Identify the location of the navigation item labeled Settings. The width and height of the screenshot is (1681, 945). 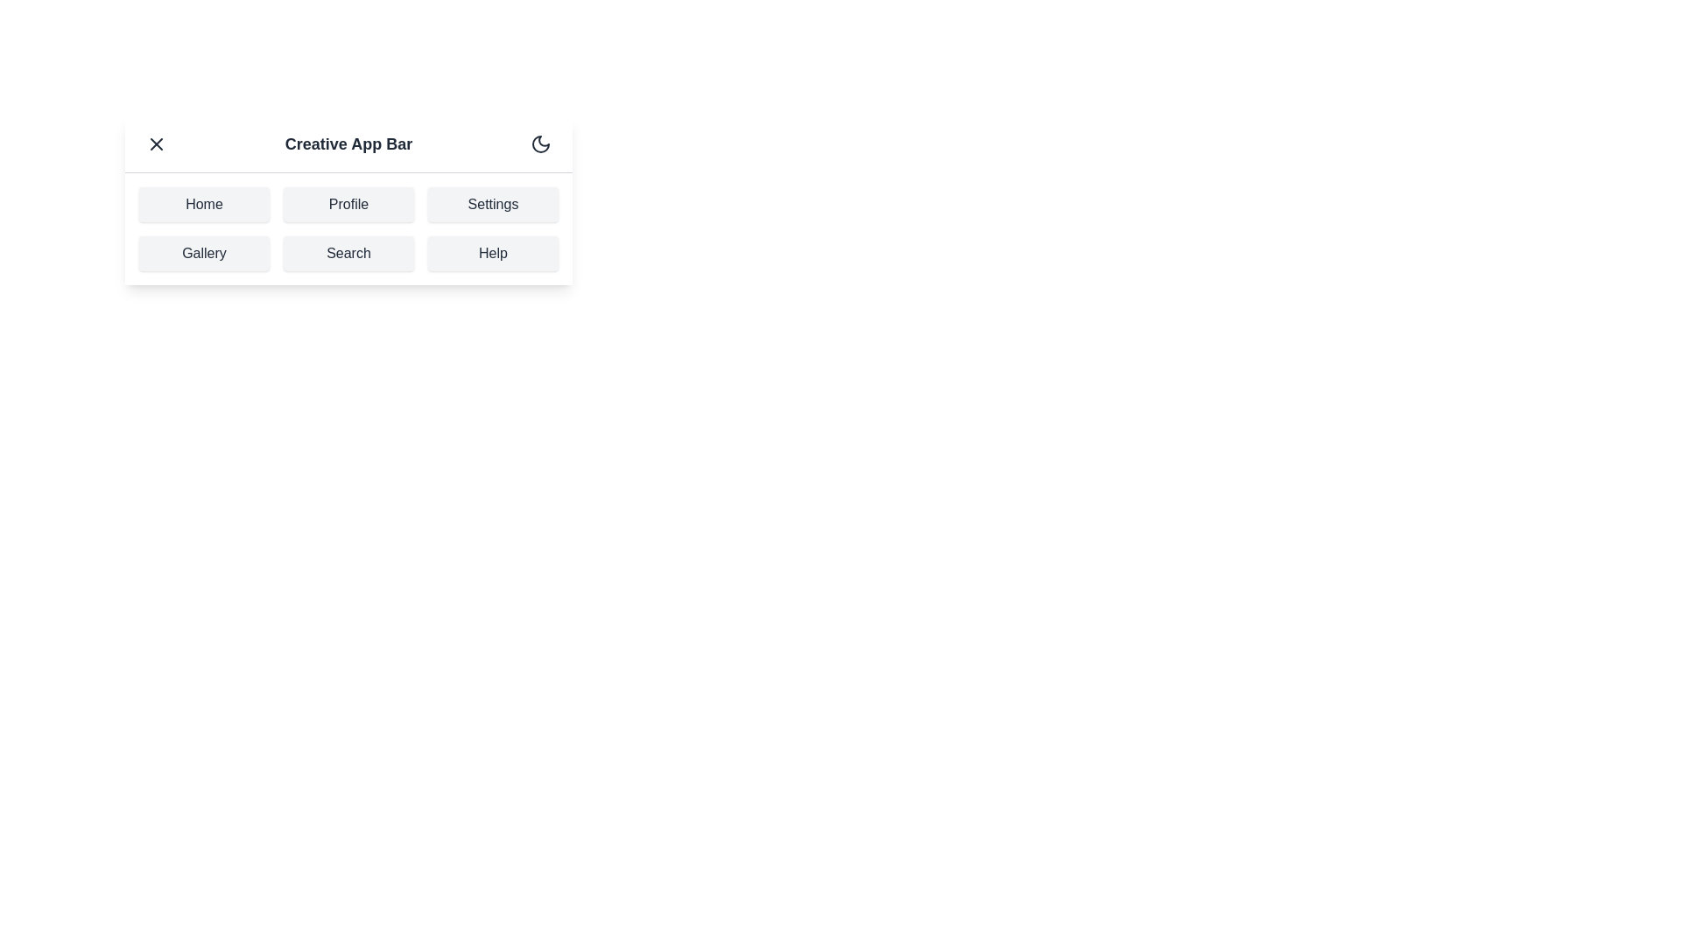
(492, 204).